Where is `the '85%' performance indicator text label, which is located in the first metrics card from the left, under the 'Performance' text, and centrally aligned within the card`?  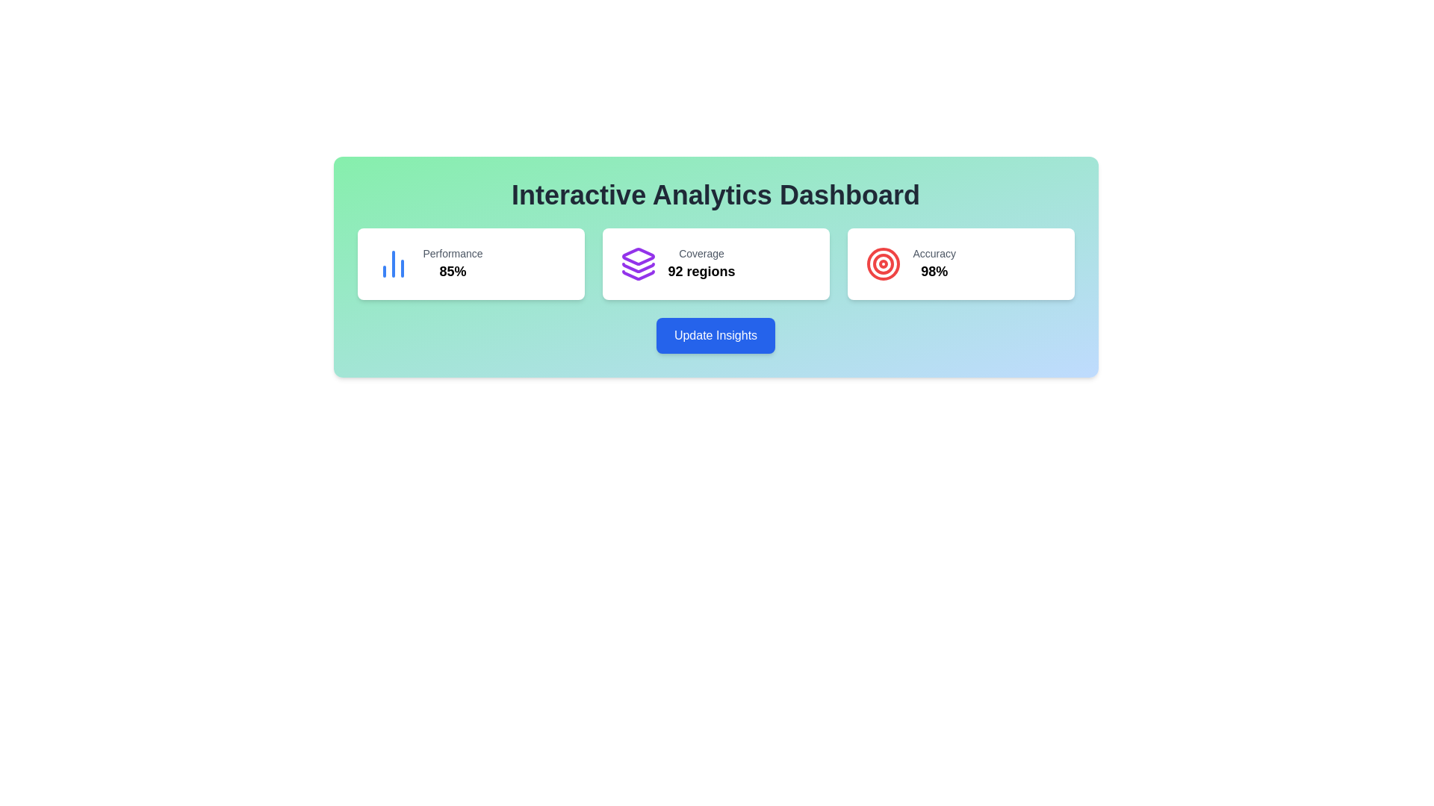
the '85%' performance indicator text label, which is located in the first metrics card from the left, under the 'Performance' text, and centrally aligned within the card is located at coordinates (452, 271).